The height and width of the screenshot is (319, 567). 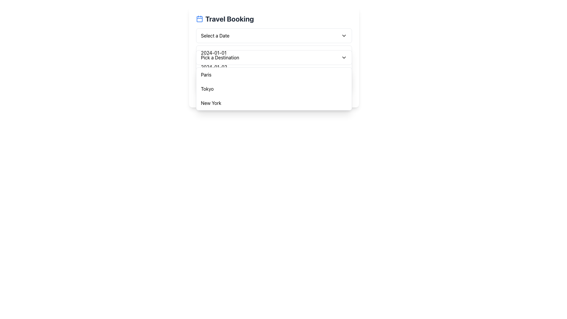 I want to click on the dropdown menu positioned beneath the 'Select a Date' dropdown, so click(x=273, y=58).